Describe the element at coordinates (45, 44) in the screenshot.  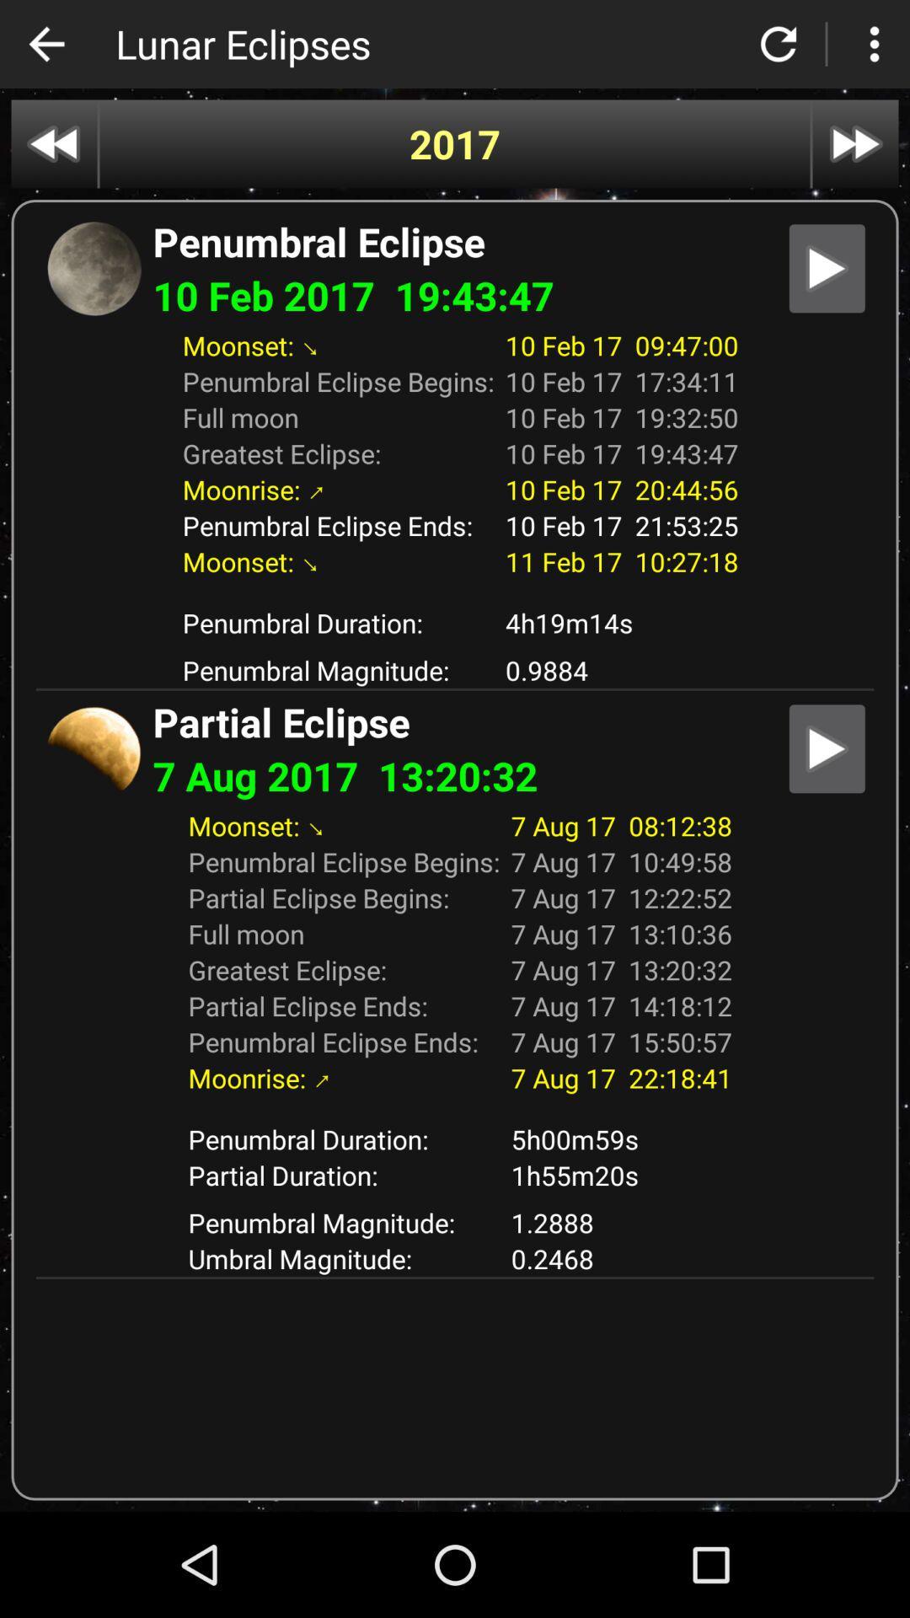
I see `back` at that location.